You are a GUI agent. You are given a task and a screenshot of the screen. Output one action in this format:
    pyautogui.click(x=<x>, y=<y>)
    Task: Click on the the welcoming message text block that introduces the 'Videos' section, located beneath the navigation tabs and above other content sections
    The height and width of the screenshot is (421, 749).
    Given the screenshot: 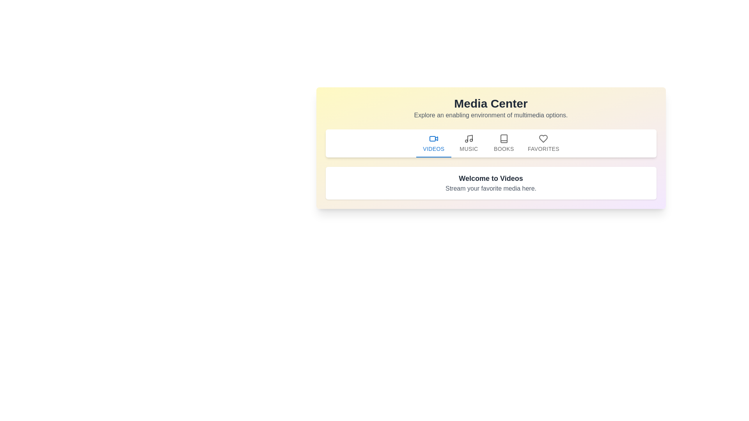 What is the action you would take?
    pyautogui.click(x=490, y=183)
    